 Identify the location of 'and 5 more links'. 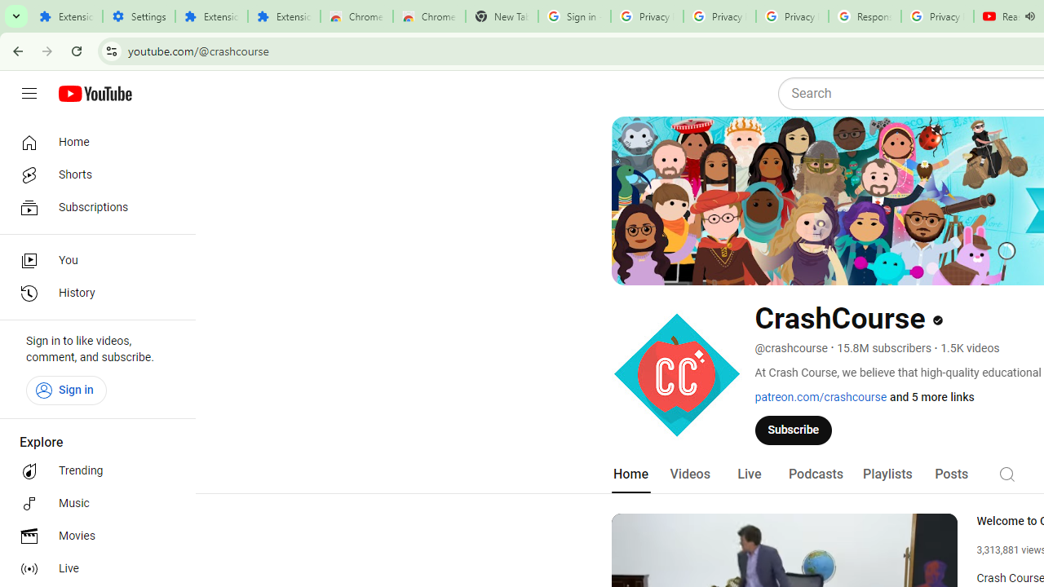
(932, 397).